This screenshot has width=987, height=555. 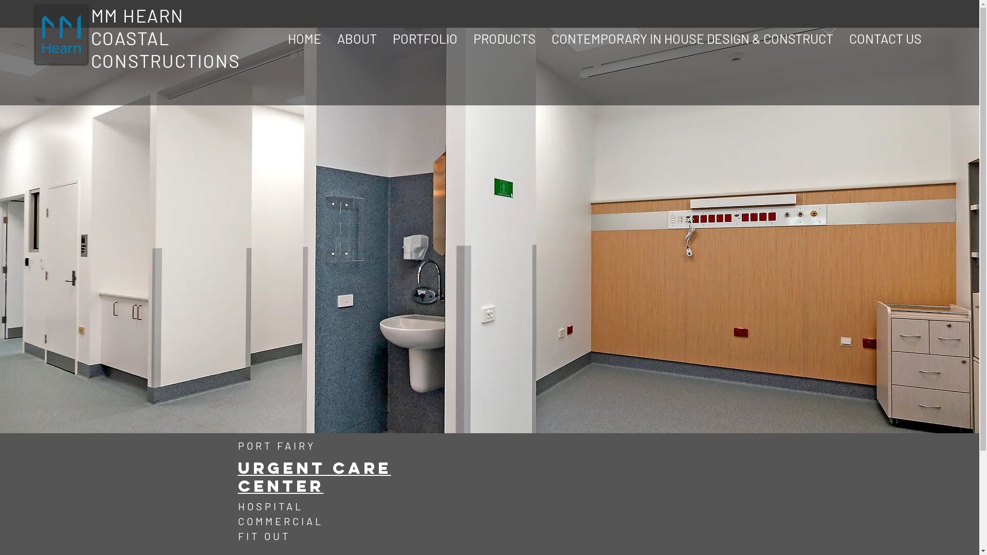 What do you see at coordinates (357, 38) in the screenshot?
I see `'ABOUT'` at bounding box center [357, 38].